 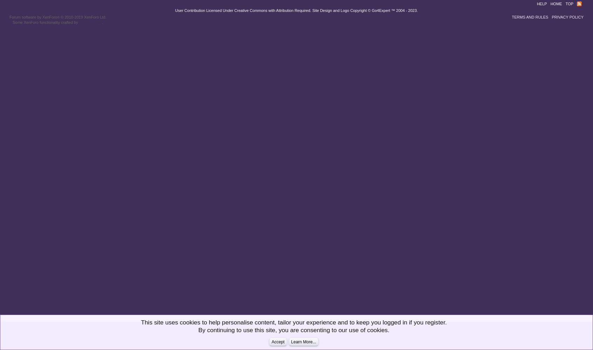 What do you see at coordinates (45, 22) in the screenshot?
I see `'Some XenForo functionality crafted by'` at bounding box center [45, 22].